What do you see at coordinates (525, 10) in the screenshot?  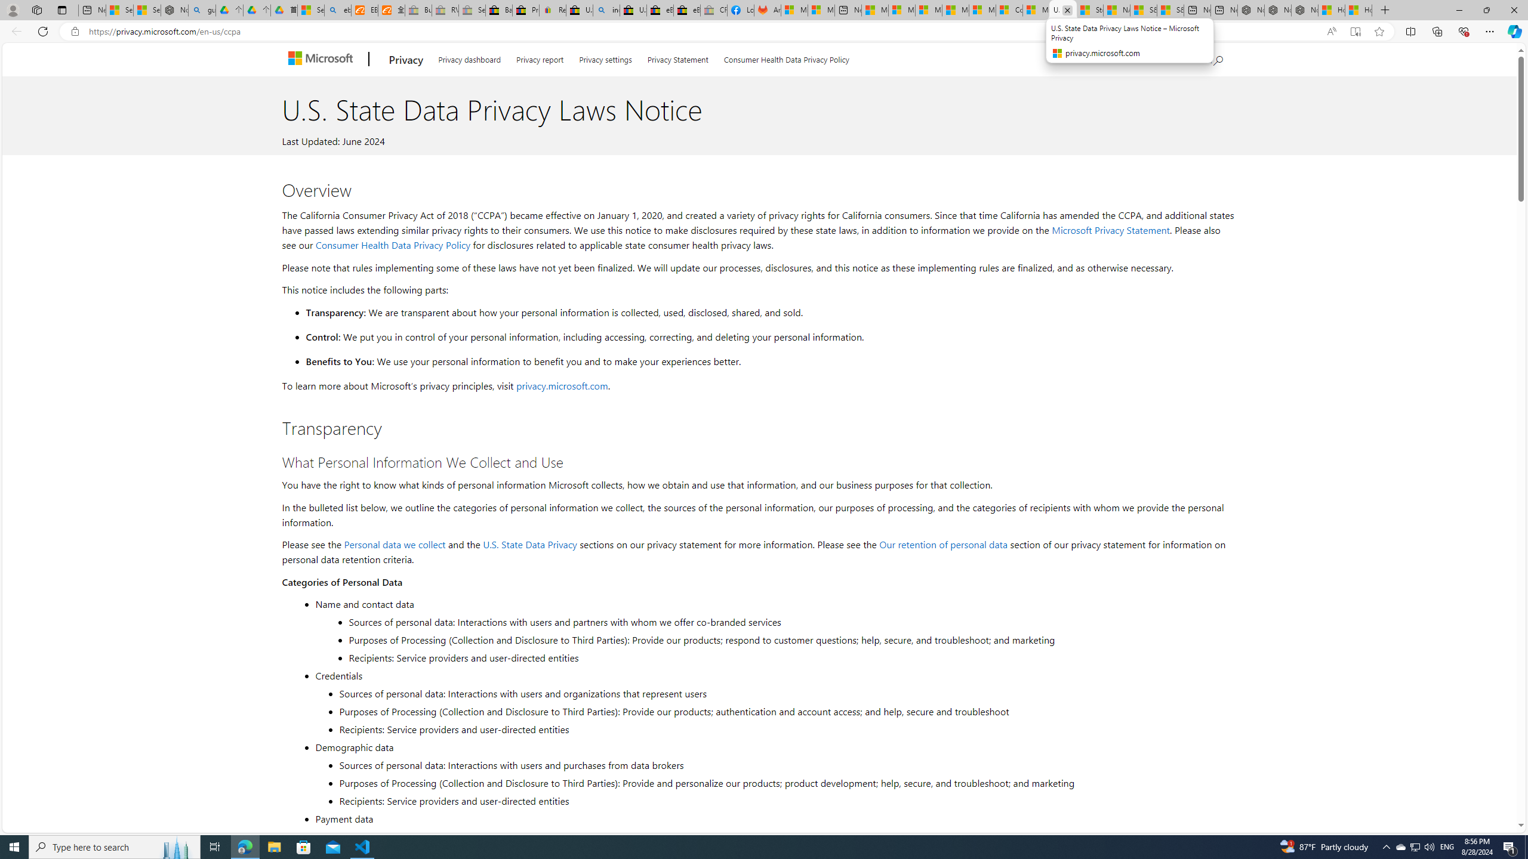 I see `'Press Room - eBay Inc.'` at bounding box center [525, 10].